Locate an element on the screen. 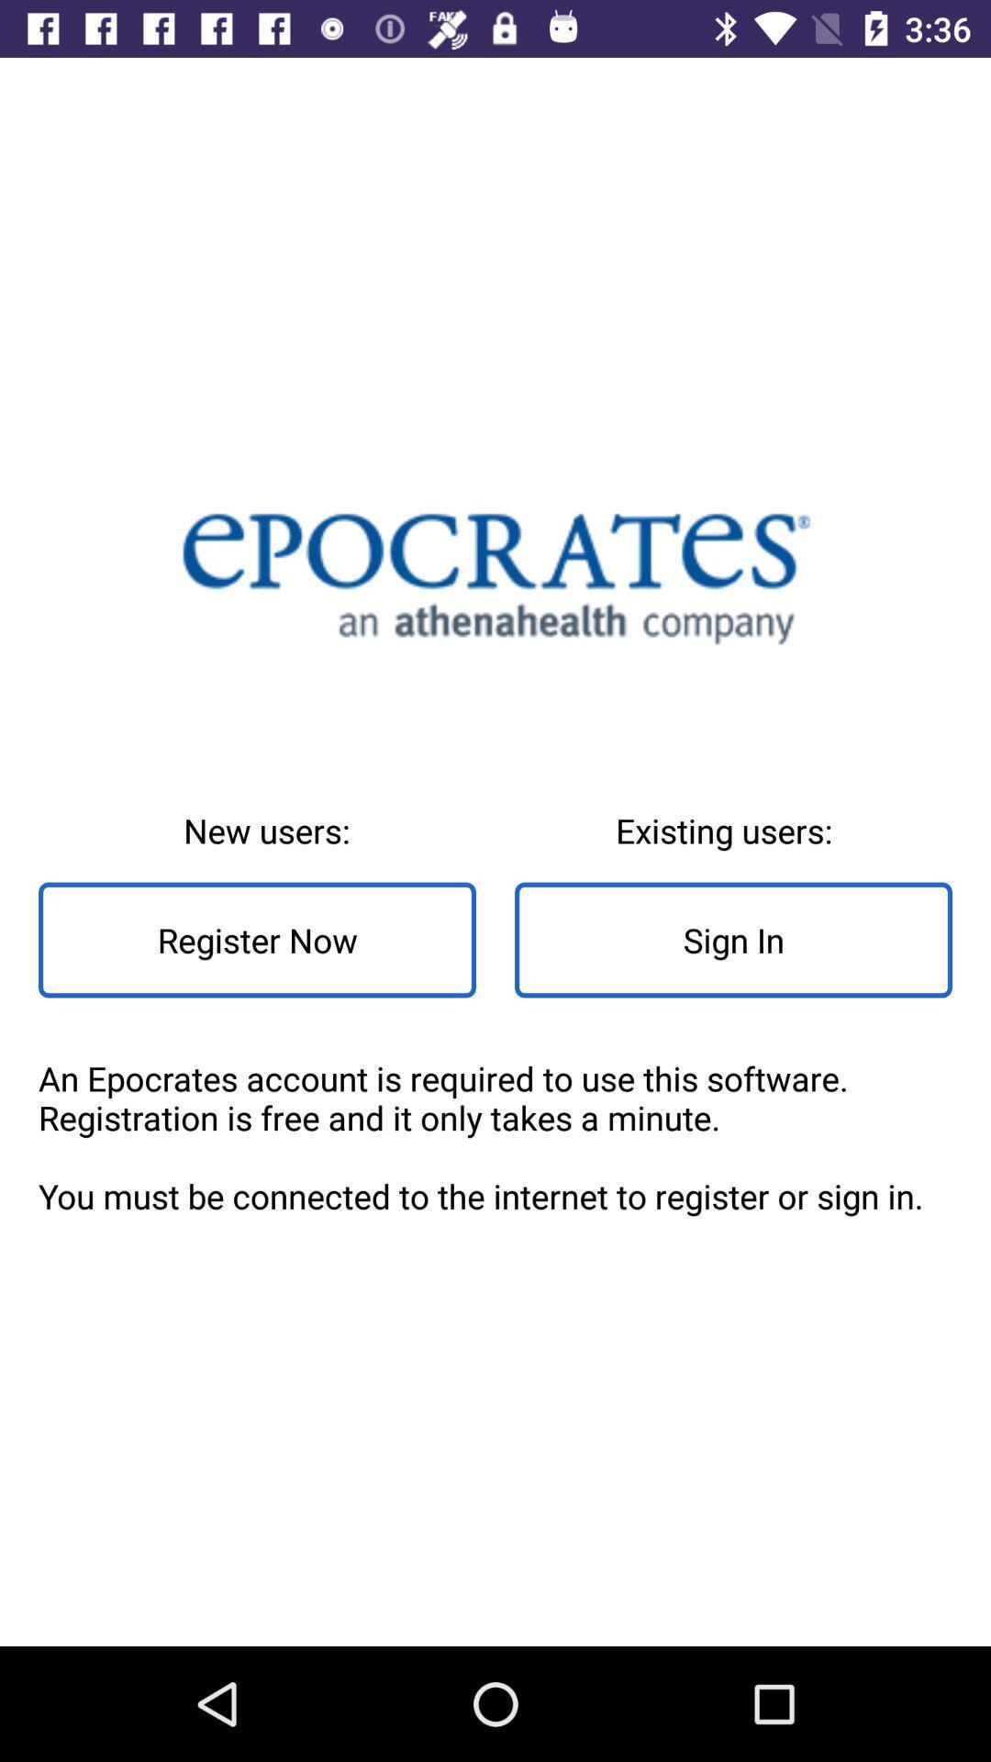 The image size is (991, 1762). item to the right of the new users: icon is located at coordinates (732, 940).